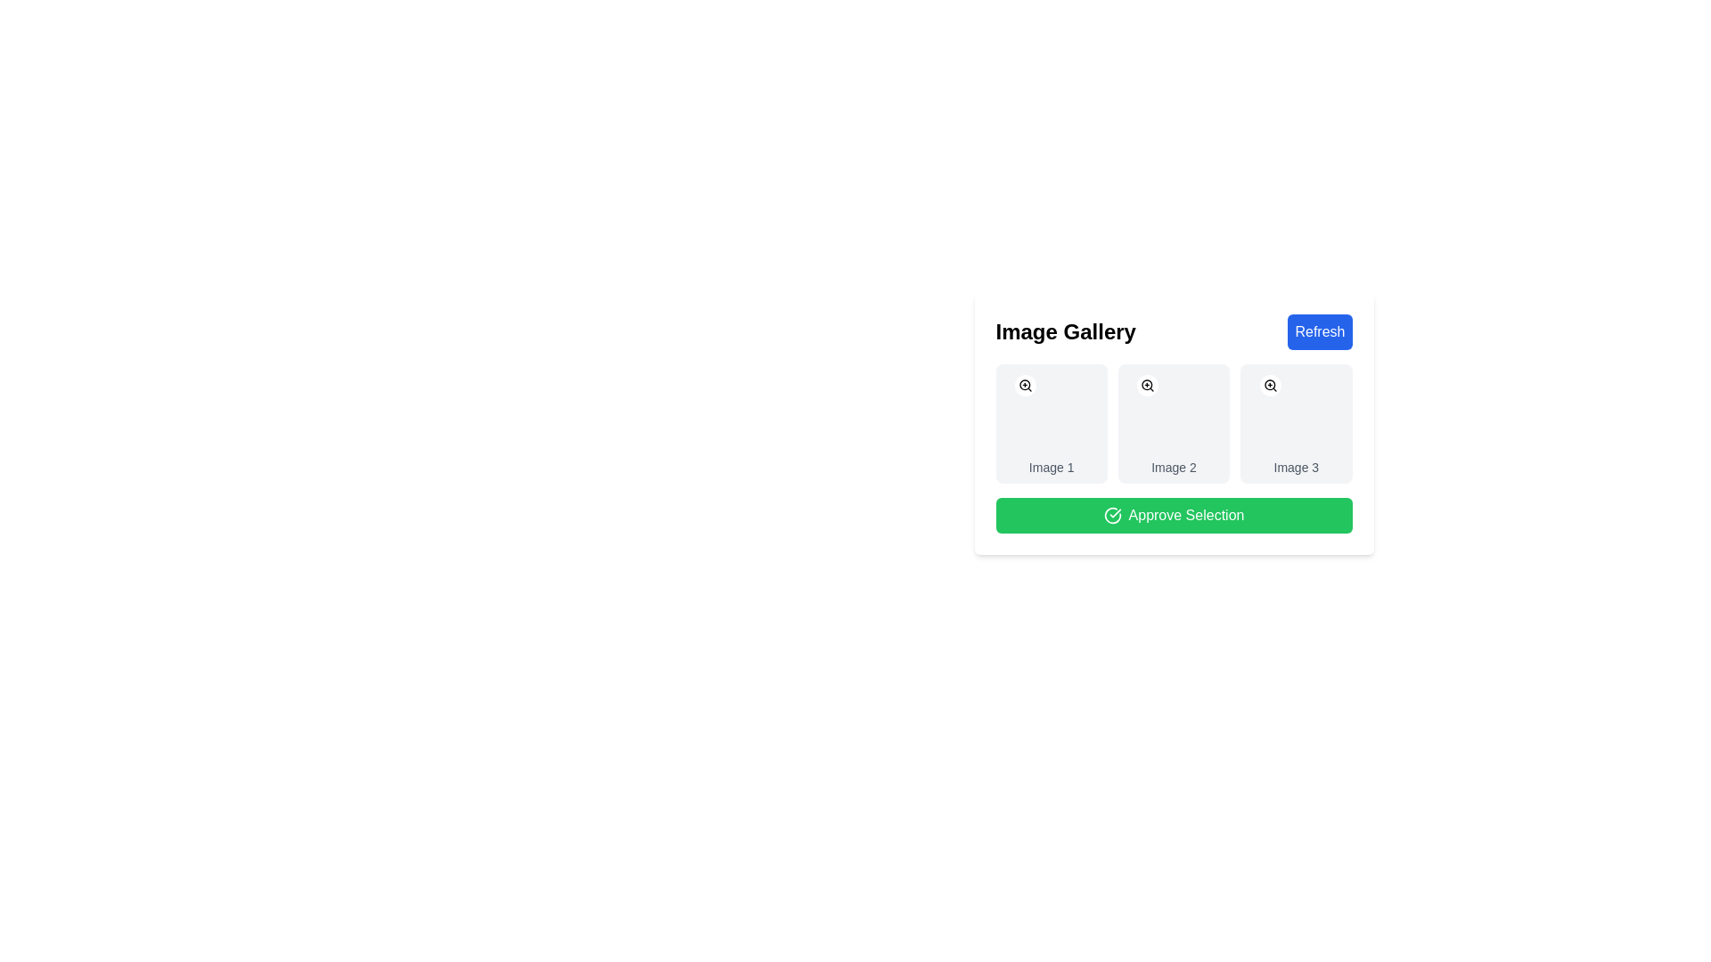  Describe the element at coordinates (1296, 466) in the screenshot. I see `the Text Label that indicates the name or identification of the third image within the gallery, located below the corresponding image placeholder and magnifying glass icon` at that location.